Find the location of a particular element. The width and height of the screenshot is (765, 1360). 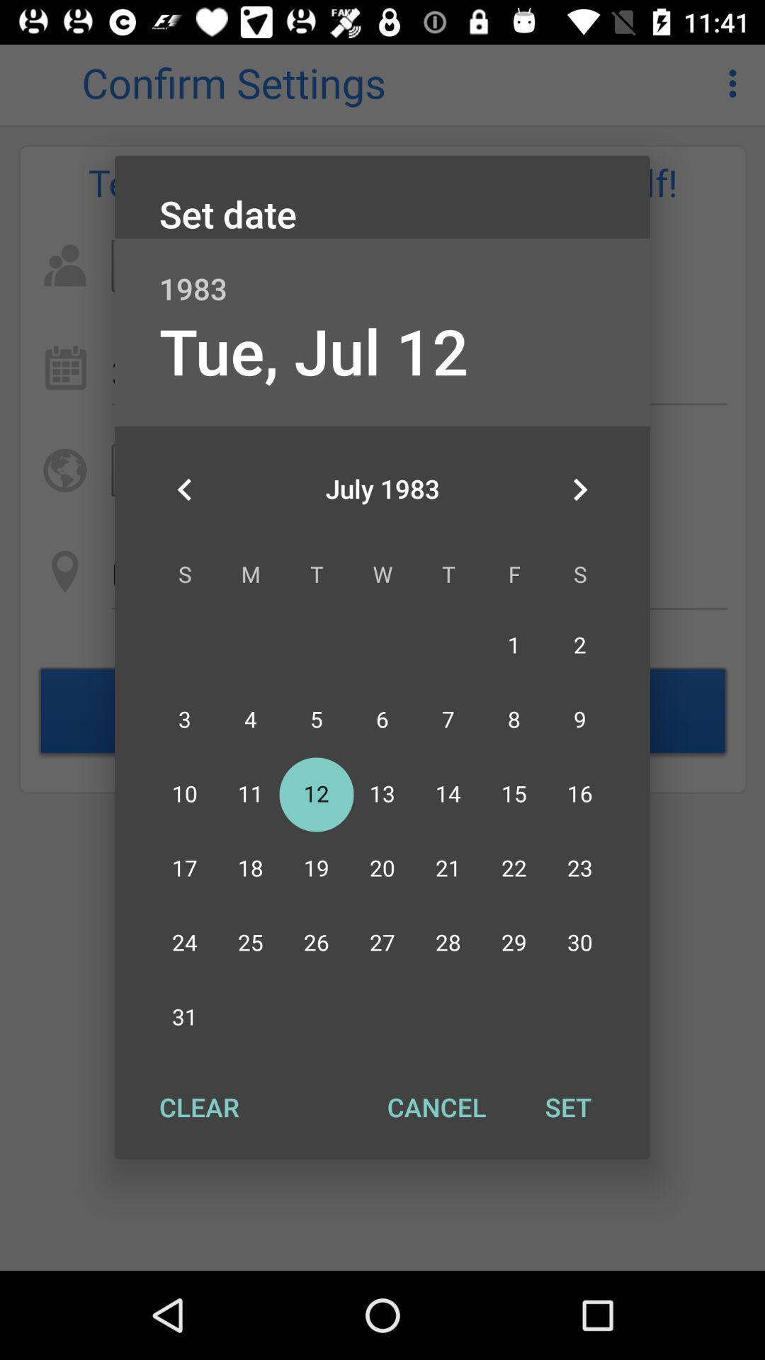

the item below tue, jul 12 is located at coordinates (184, 489).